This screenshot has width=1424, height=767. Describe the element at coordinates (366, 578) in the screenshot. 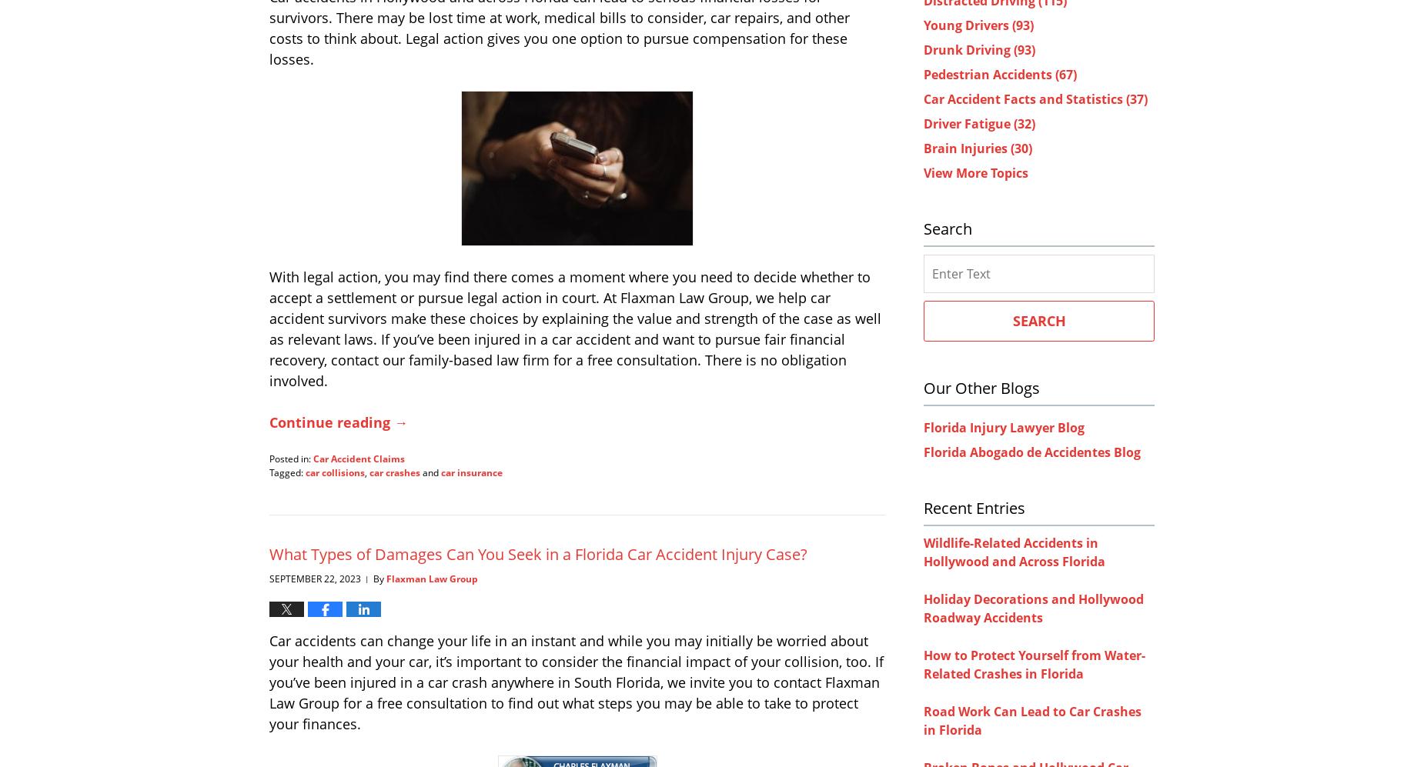

I see `'|'` at that location.